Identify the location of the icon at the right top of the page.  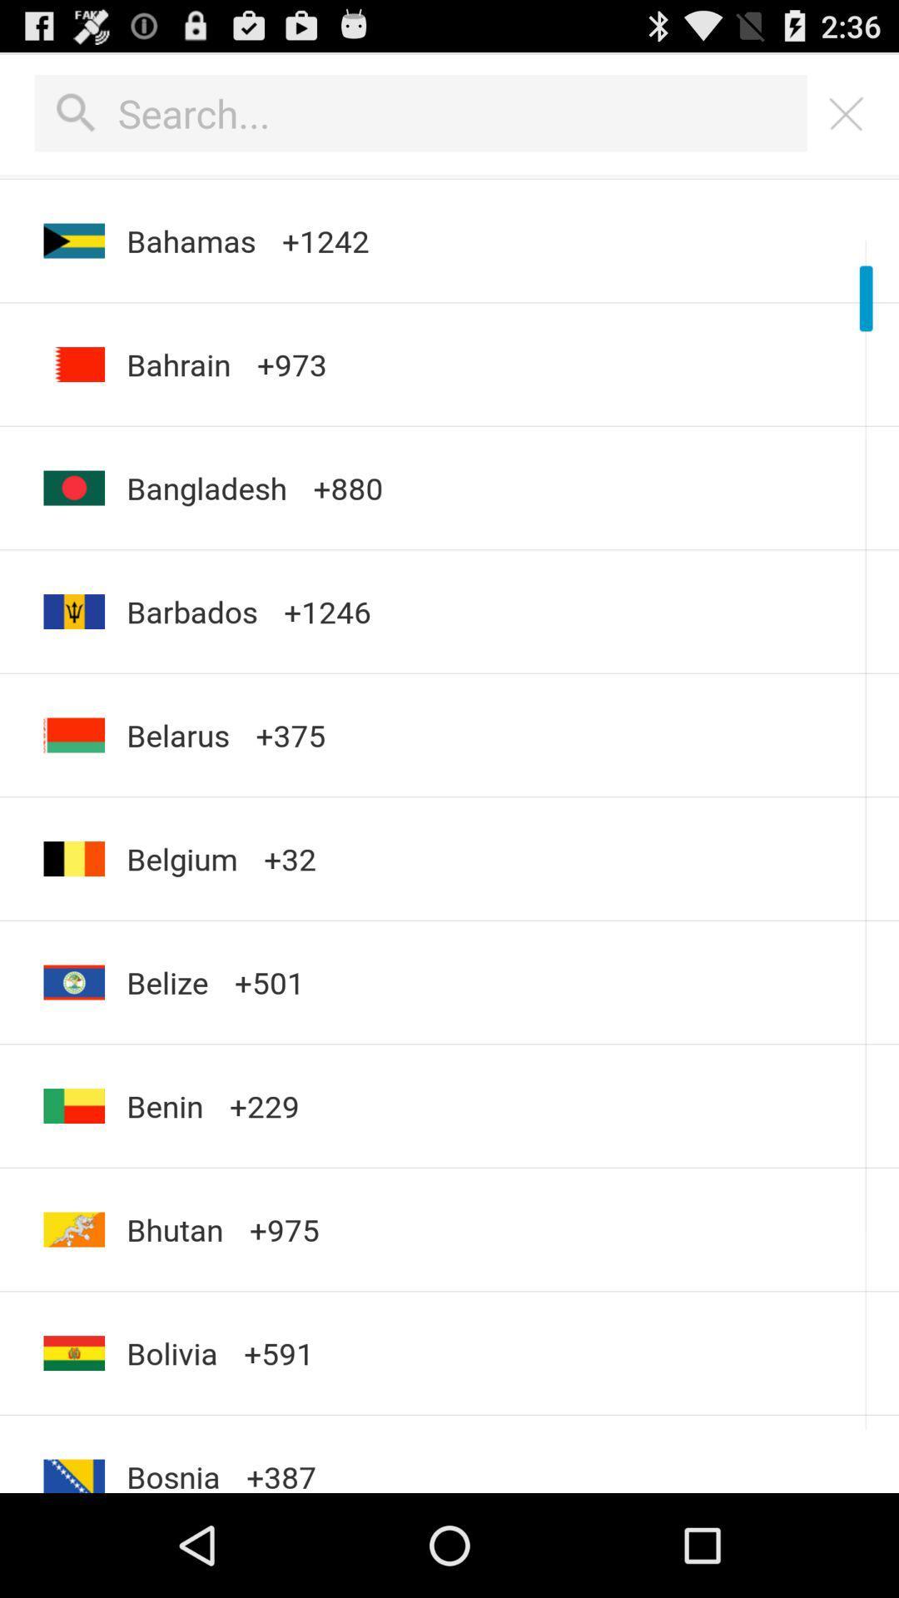
(847, 113).